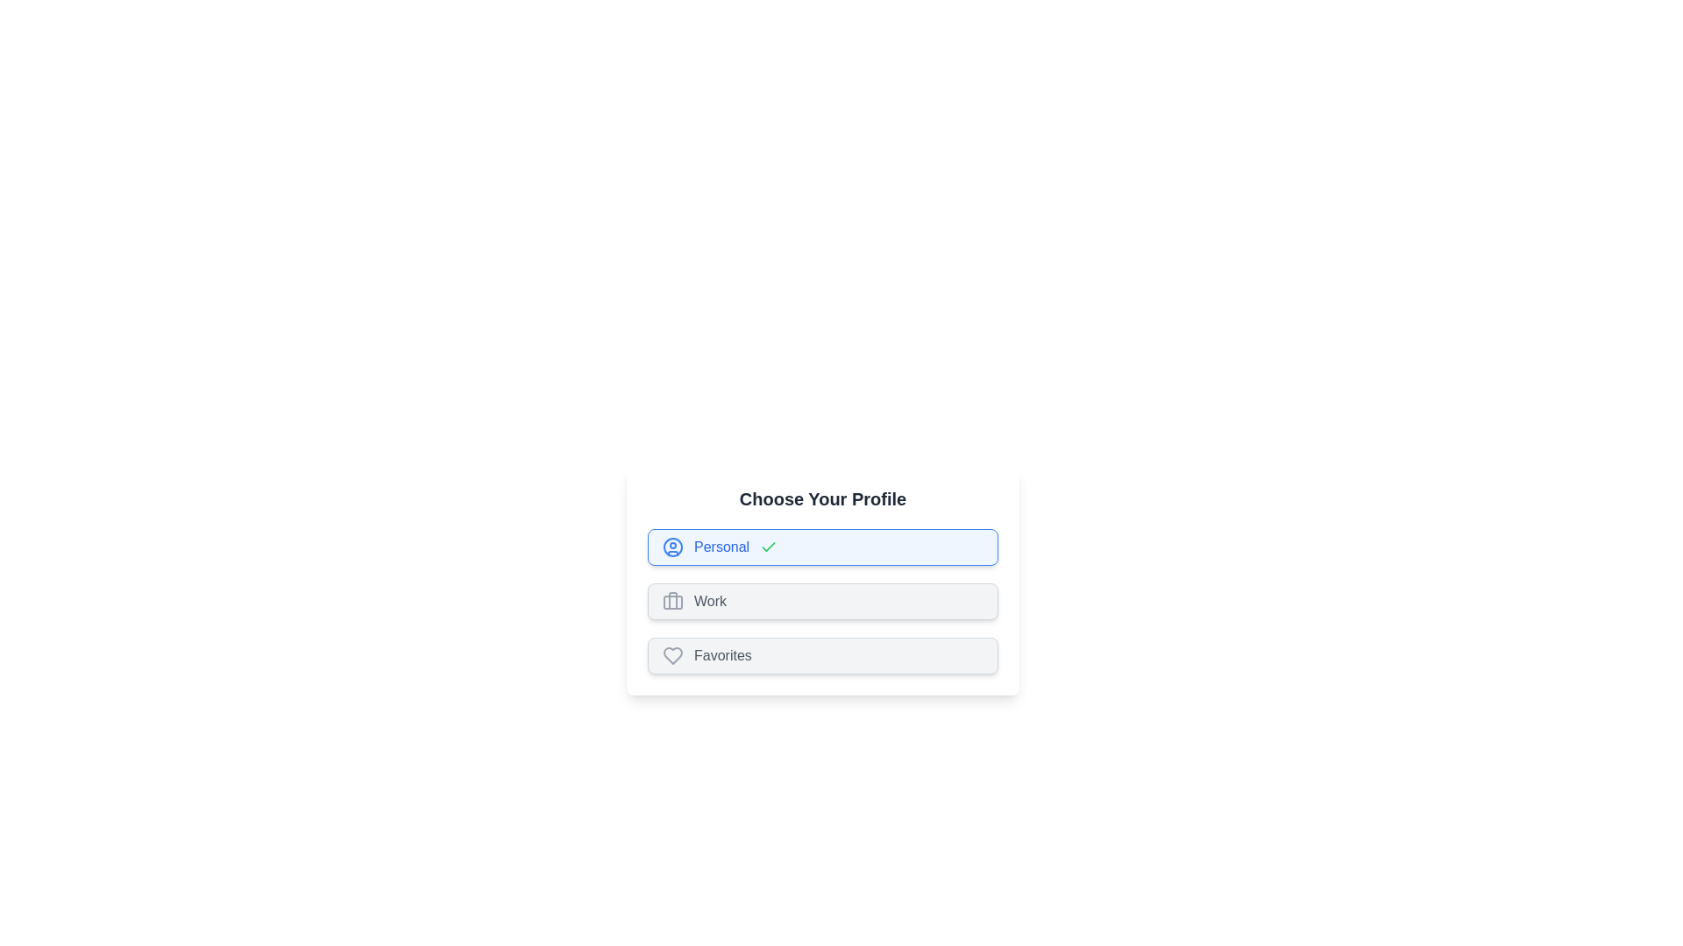 The image size is (1683, 946). I want to click on the title text 'Choose Your Profile' to select it, so click(822, 499).